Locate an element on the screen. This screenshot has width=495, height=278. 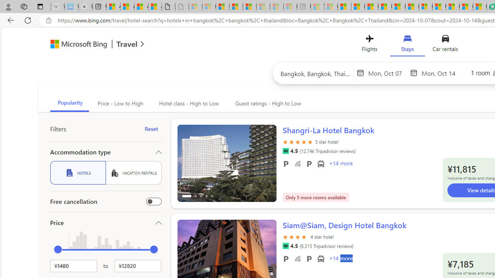
'VACATION RENTALS' is located at coordinates (133, 172).